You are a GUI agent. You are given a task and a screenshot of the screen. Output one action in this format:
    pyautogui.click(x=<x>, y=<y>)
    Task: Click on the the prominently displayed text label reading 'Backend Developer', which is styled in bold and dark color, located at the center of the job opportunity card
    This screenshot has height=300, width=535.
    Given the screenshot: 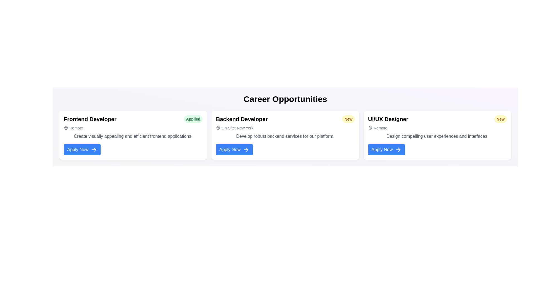 What is the action you would take?
    pyautogui.click(x=242, y=119)
    